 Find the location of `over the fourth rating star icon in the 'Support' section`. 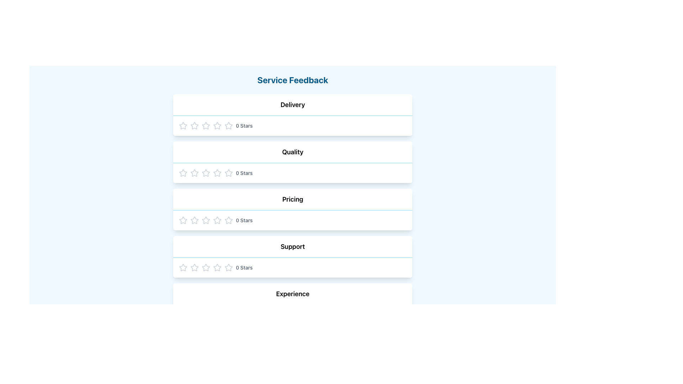

over the fourth rating star icon in the 'Support' section is located at coordinates (206, 267).